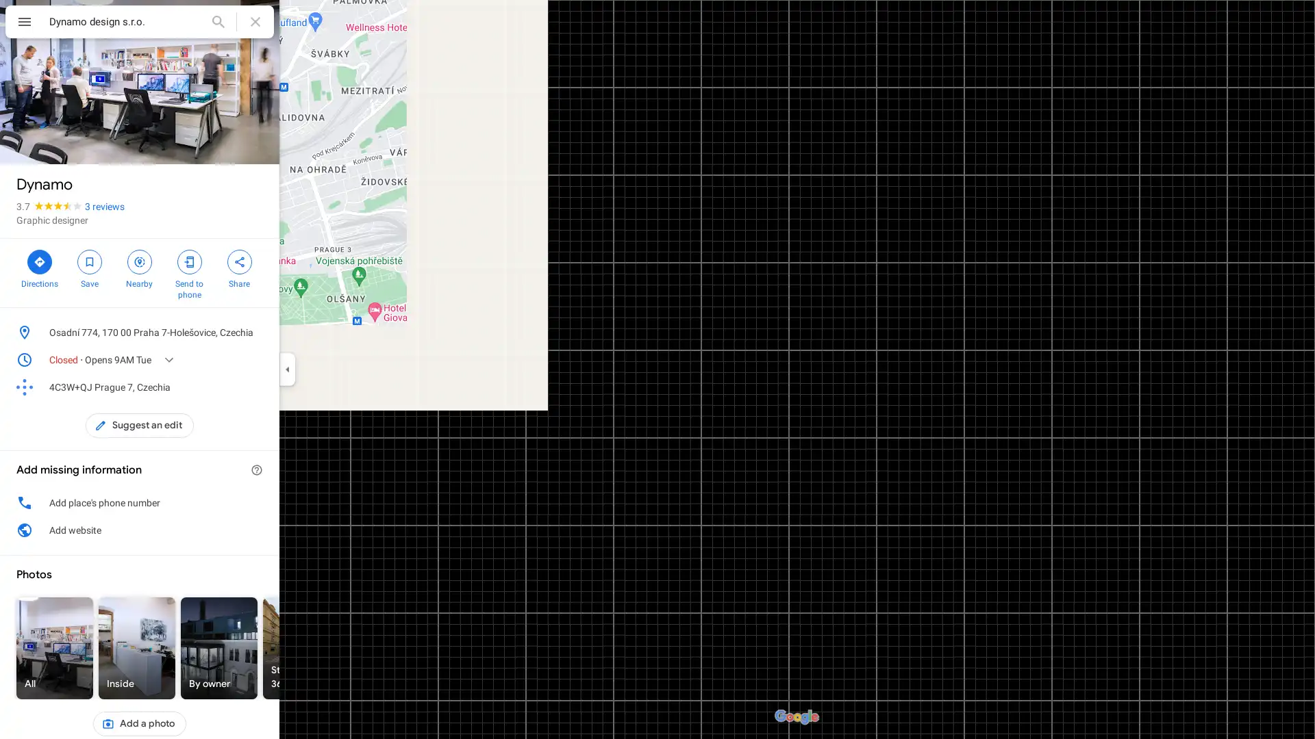 The height and width of the screenshot is (739, 1315). What do you see at coordinates (39, 267) in the screenshot?
I see `Directions to Dynamo` at bounding box center [39, 267].